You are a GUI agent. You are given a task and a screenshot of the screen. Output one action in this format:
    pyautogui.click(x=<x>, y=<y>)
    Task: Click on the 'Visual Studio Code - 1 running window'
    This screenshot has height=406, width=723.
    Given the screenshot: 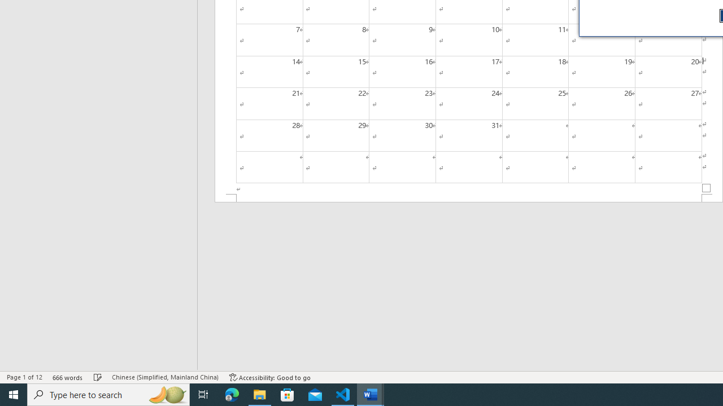 What is the action you would take?
    pyautogui.click(x=342, y=394)
    